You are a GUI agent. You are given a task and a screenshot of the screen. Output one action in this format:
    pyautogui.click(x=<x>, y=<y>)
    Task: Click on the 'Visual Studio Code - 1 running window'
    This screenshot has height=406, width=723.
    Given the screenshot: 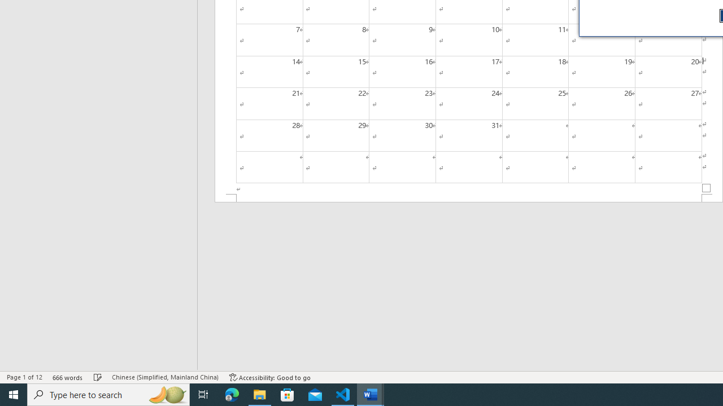 What is the action you would take?
    pyautogui.click(x=342, y=394)
    